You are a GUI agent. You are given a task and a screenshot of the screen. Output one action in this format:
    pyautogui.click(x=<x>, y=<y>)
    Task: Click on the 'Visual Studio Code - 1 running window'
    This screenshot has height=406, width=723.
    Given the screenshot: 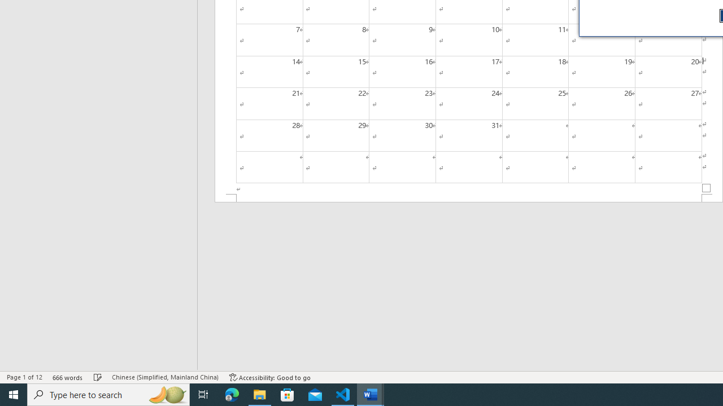 What is the action you would take?
    pyautogui.click(x=342, y=394)
    